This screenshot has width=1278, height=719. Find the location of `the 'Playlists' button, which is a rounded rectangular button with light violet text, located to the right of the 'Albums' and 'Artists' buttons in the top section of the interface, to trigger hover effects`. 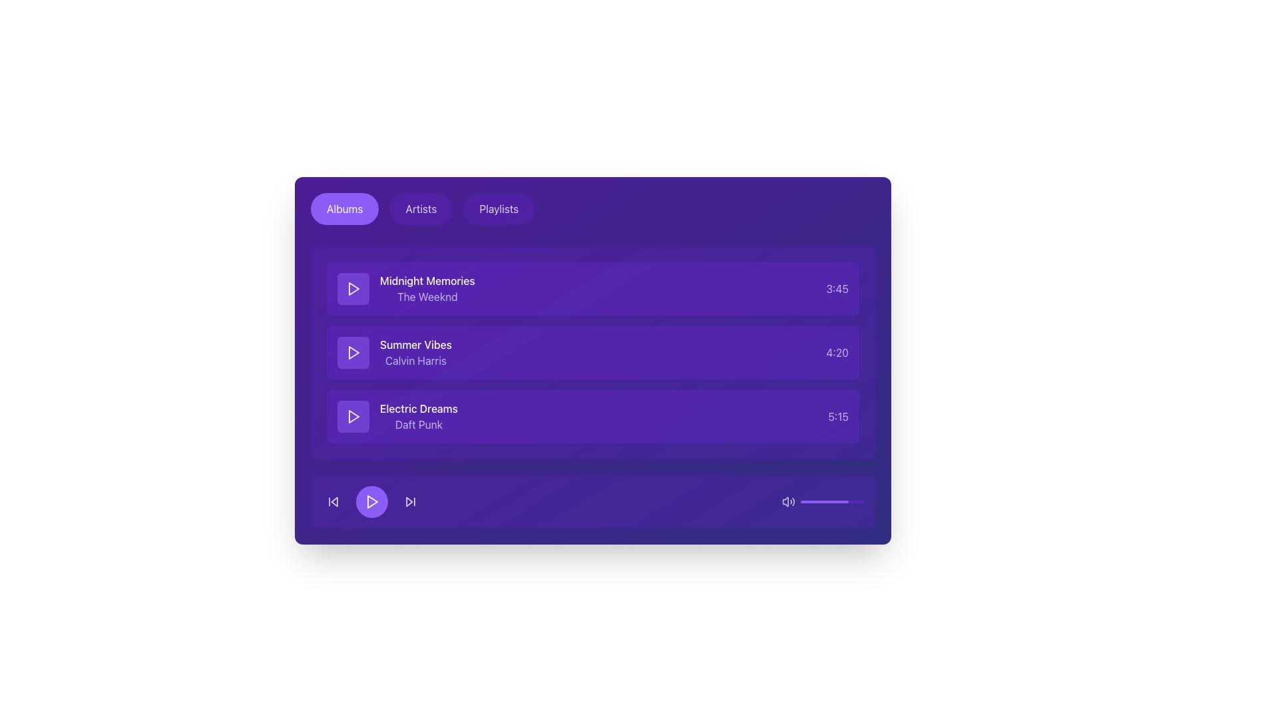

the 'Playlists' button, which is a rounded rectangular button with light violet text, located to the right of the 'Albums' and 'Artists' buttons in the top section of the interface, to trigger hover effects is located at coordinates (498, 208).